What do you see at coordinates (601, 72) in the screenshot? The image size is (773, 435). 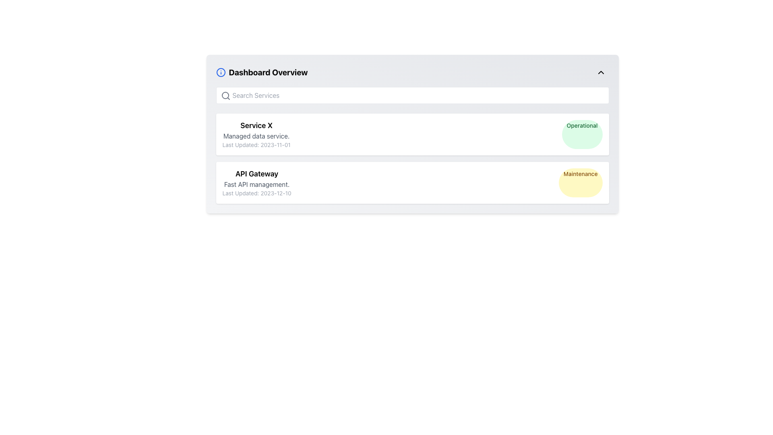 I see `the small triangular SVG icon with a thin black outline located in the top-right corner of the main section for visual feedback` at bounding box center [601, 72].